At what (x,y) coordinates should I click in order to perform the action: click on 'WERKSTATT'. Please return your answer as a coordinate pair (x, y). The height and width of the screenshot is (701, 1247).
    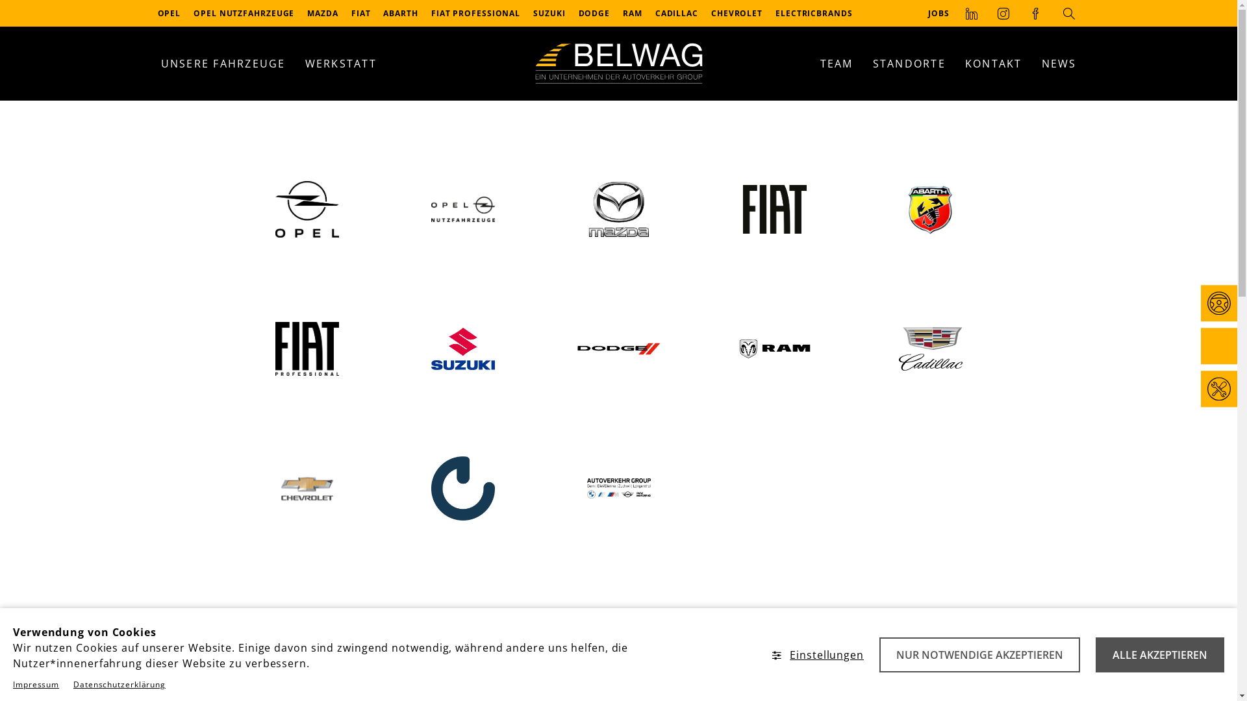
    Looking at the image, I should click on (340, 63).